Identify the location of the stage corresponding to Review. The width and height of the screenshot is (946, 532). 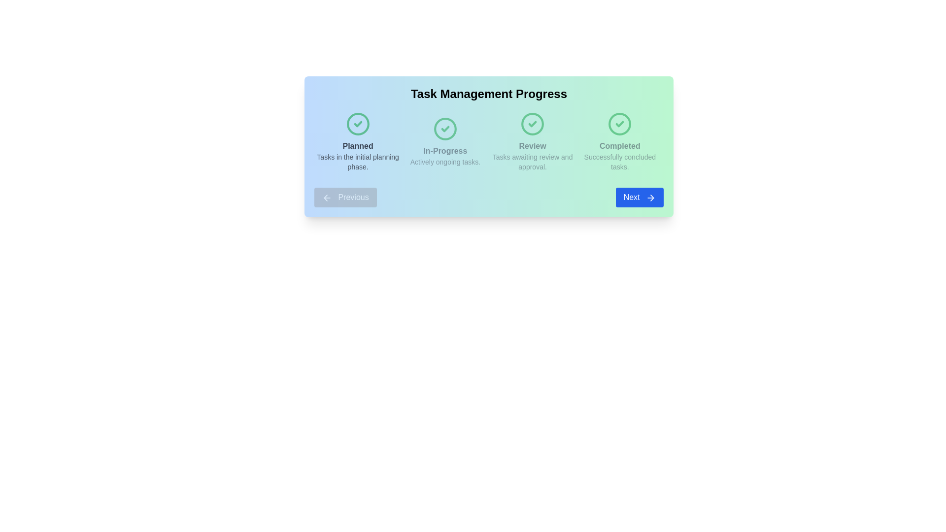
(532, 142).